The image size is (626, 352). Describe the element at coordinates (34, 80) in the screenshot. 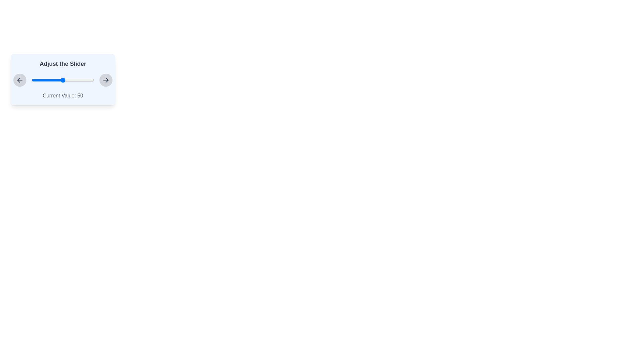

I see `the slider` at that location.